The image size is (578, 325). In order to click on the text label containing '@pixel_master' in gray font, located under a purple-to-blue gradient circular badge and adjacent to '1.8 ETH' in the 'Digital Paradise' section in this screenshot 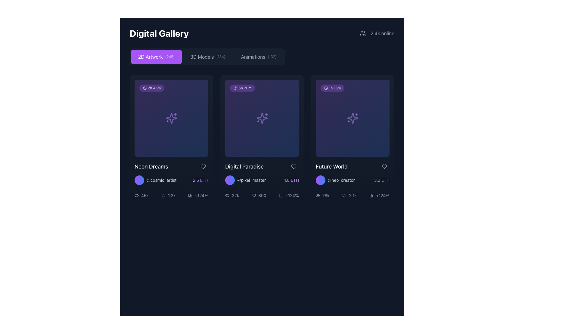, I will do `click(262, 180)`.